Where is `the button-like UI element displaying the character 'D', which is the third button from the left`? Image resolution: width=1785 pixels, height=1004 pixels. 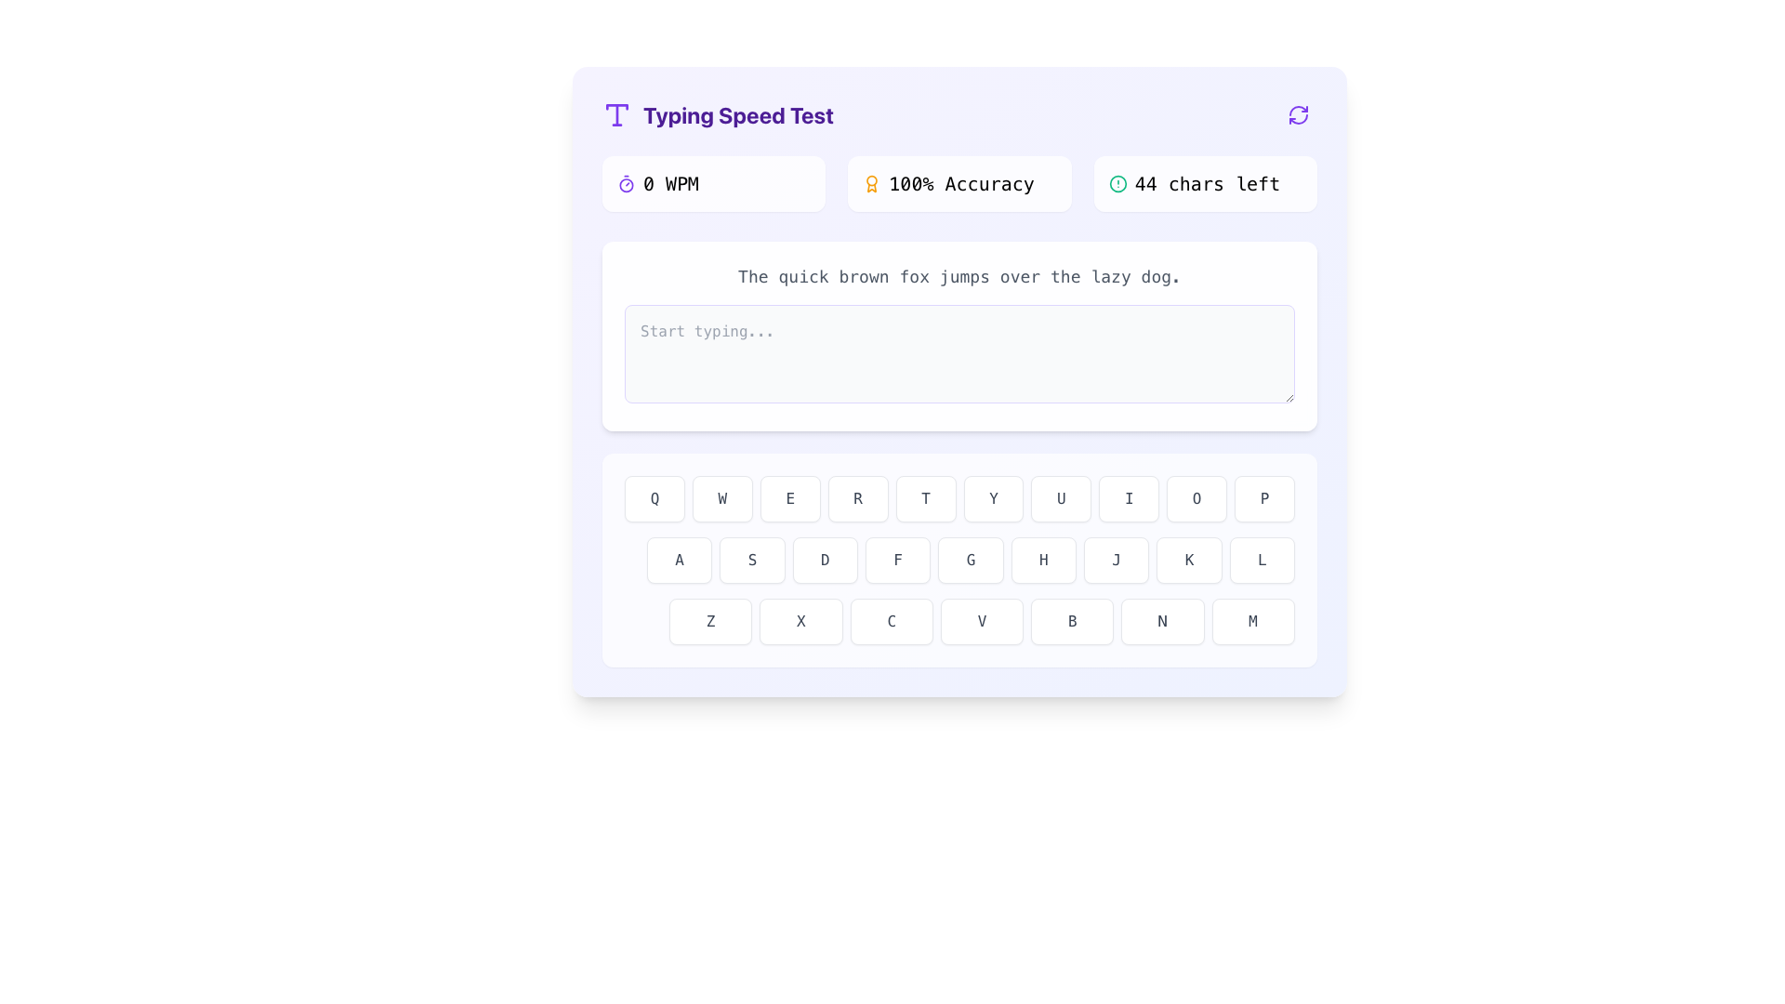
the button-like UI element displaying the character 'D', which is the third button from the left is located at coordinates (824, 559).